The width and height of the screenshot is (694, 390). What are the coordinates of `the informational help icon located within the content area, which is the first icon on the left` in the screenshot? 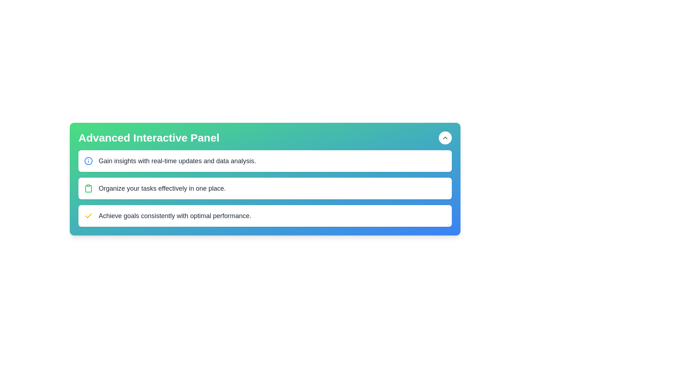 It's located at (88, 161).